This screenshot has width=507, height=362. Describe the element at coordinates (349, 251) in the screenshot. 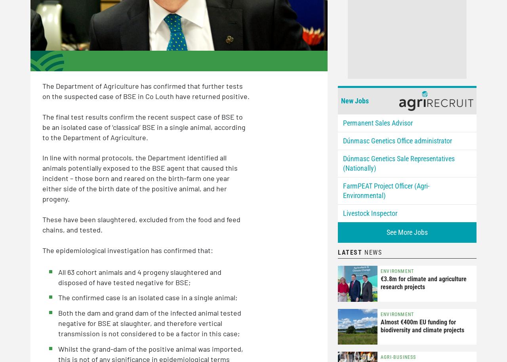

I see `'Latest'` at that location.